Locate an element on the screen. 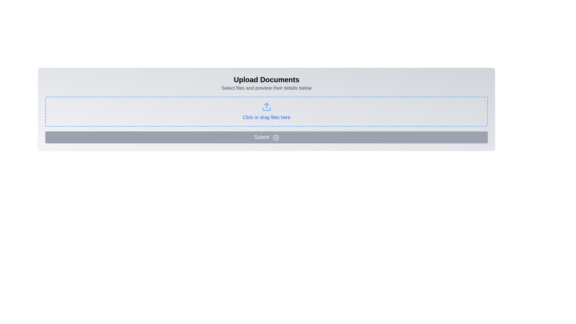  instructional text 'Select files and preview their details below' located below the heading 'Upload Documents' is located at coordinates (266, 88).